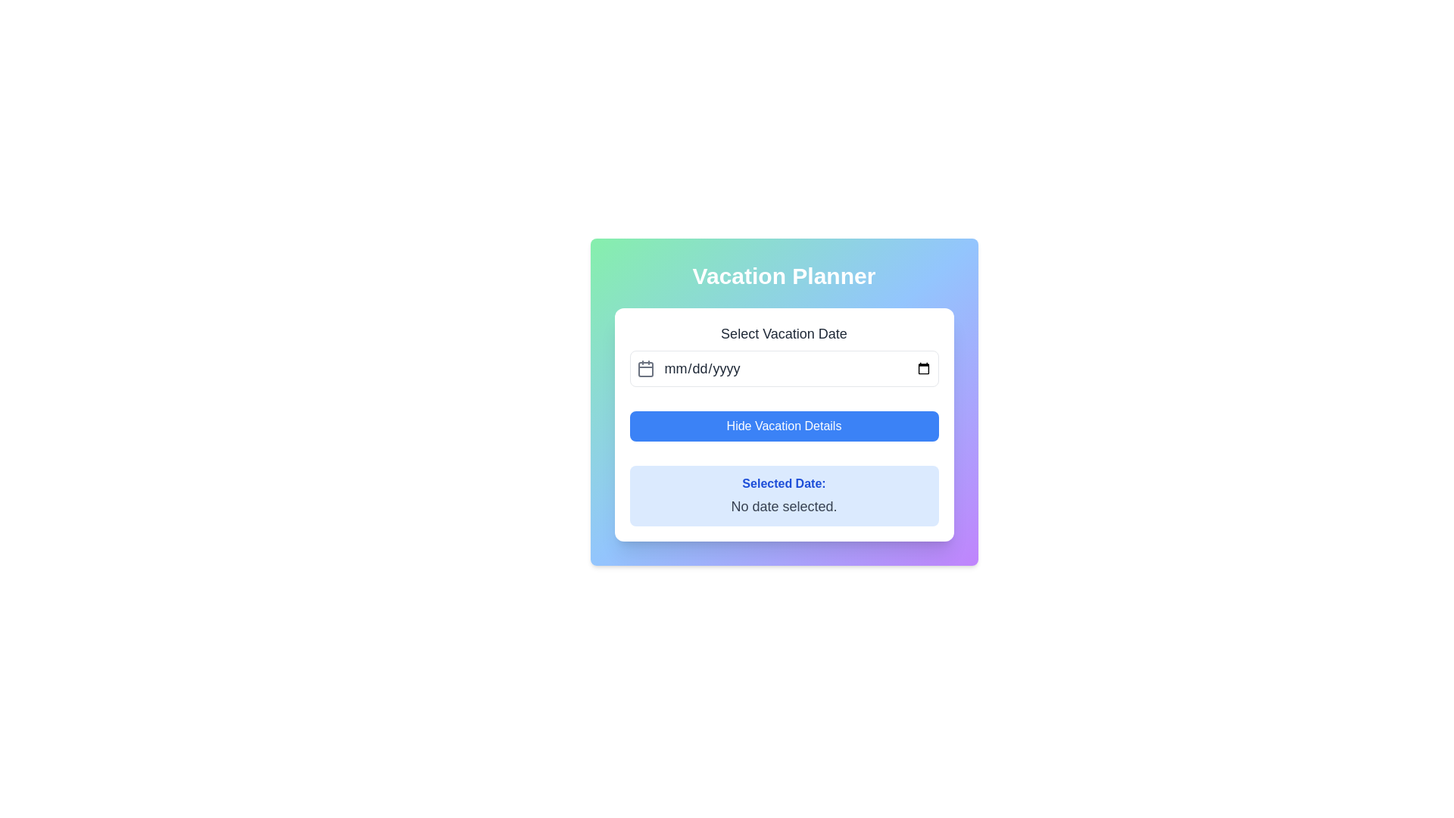 Image resolution: width=1454 pixels, height=818 pixels. I want to click on the Date Input Field used for selecting or entering a date by clicking on it to enable text entry, so click(797, 368).